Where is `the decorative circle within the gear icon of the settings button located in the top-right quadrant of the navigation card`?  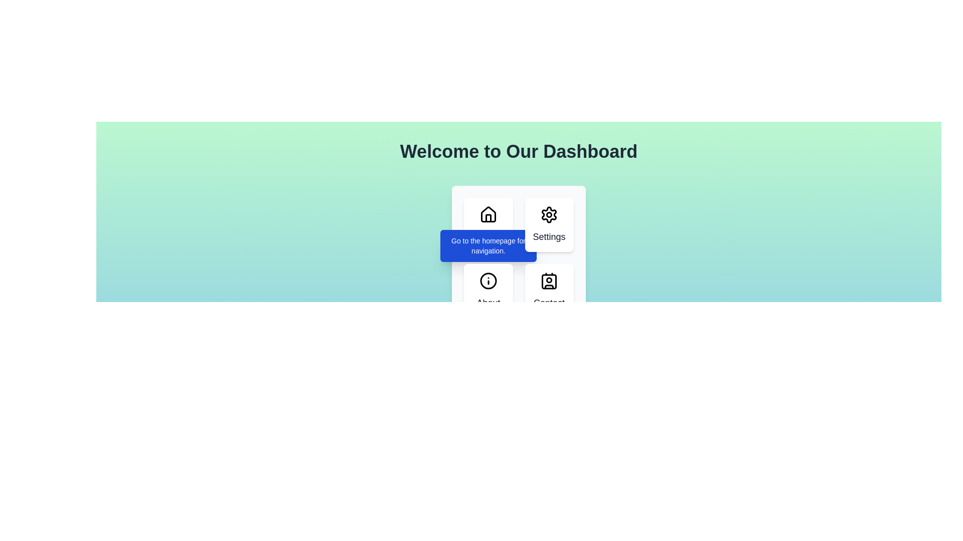 the decorative circle within the gear icon of the settings button located in the top-right quadrant of the navigation card is located at coordinates (548, 214).